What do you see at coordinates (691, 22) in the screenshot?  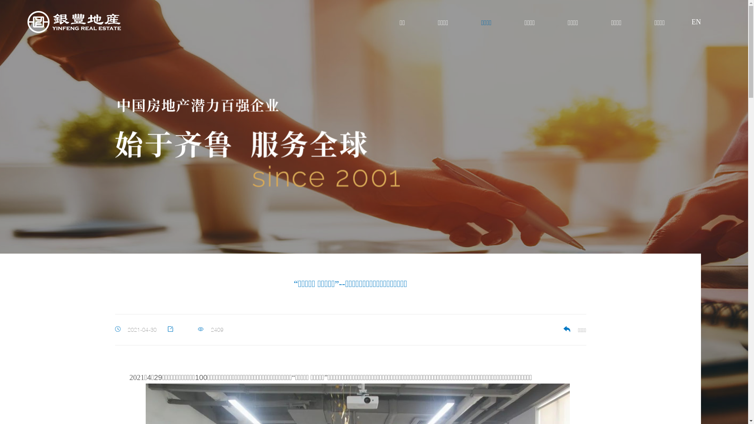 I see `'EN'` at bounding box center [691, 22].